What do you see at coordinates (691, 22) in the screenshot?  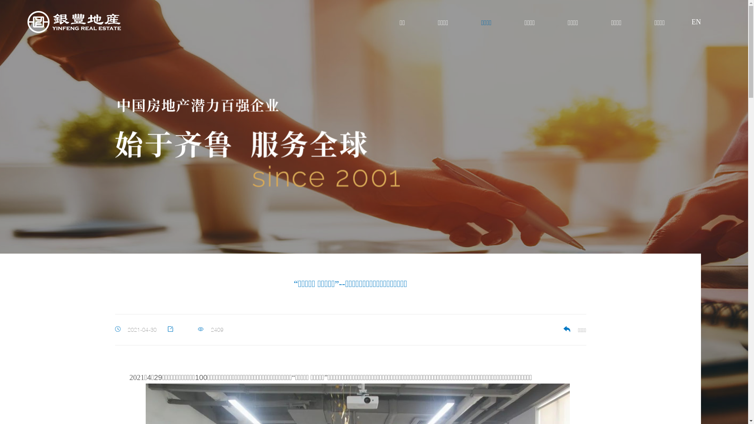 I see `'EN'` at bounding box center [691, 22].